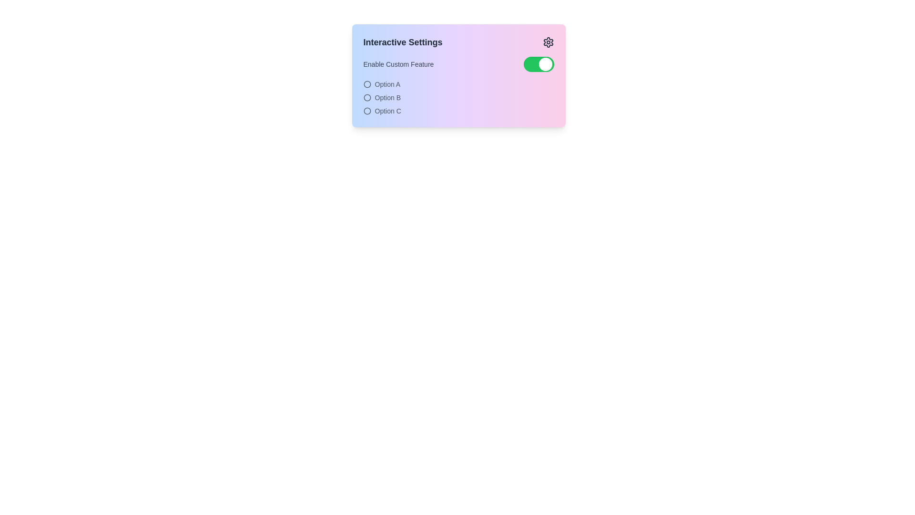 Image resolution: width=915 pixels, height=515 pixels. Describe the element at coordinates (366, 110) in the screenshot. I see `the radio button for 'Option C' using keyboard navigation` at that location.